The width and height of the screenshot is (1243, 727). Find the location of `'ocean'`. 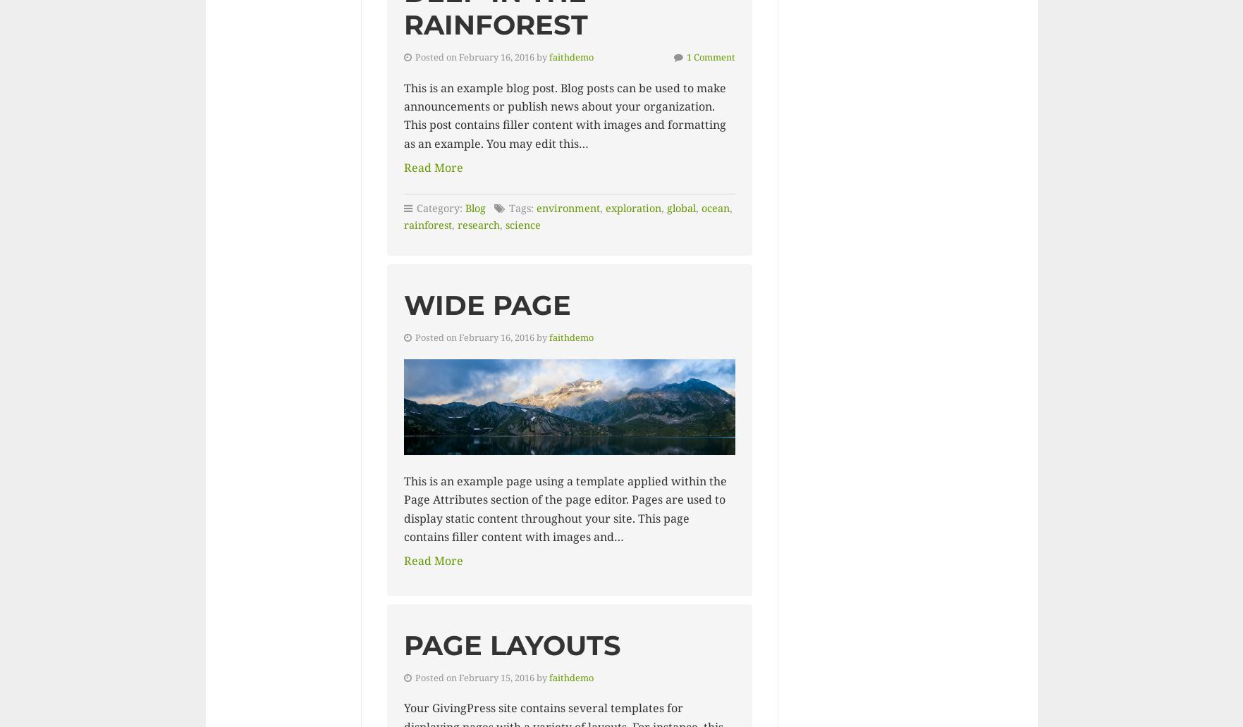

'ocean' is located at coordinates (714, 208).